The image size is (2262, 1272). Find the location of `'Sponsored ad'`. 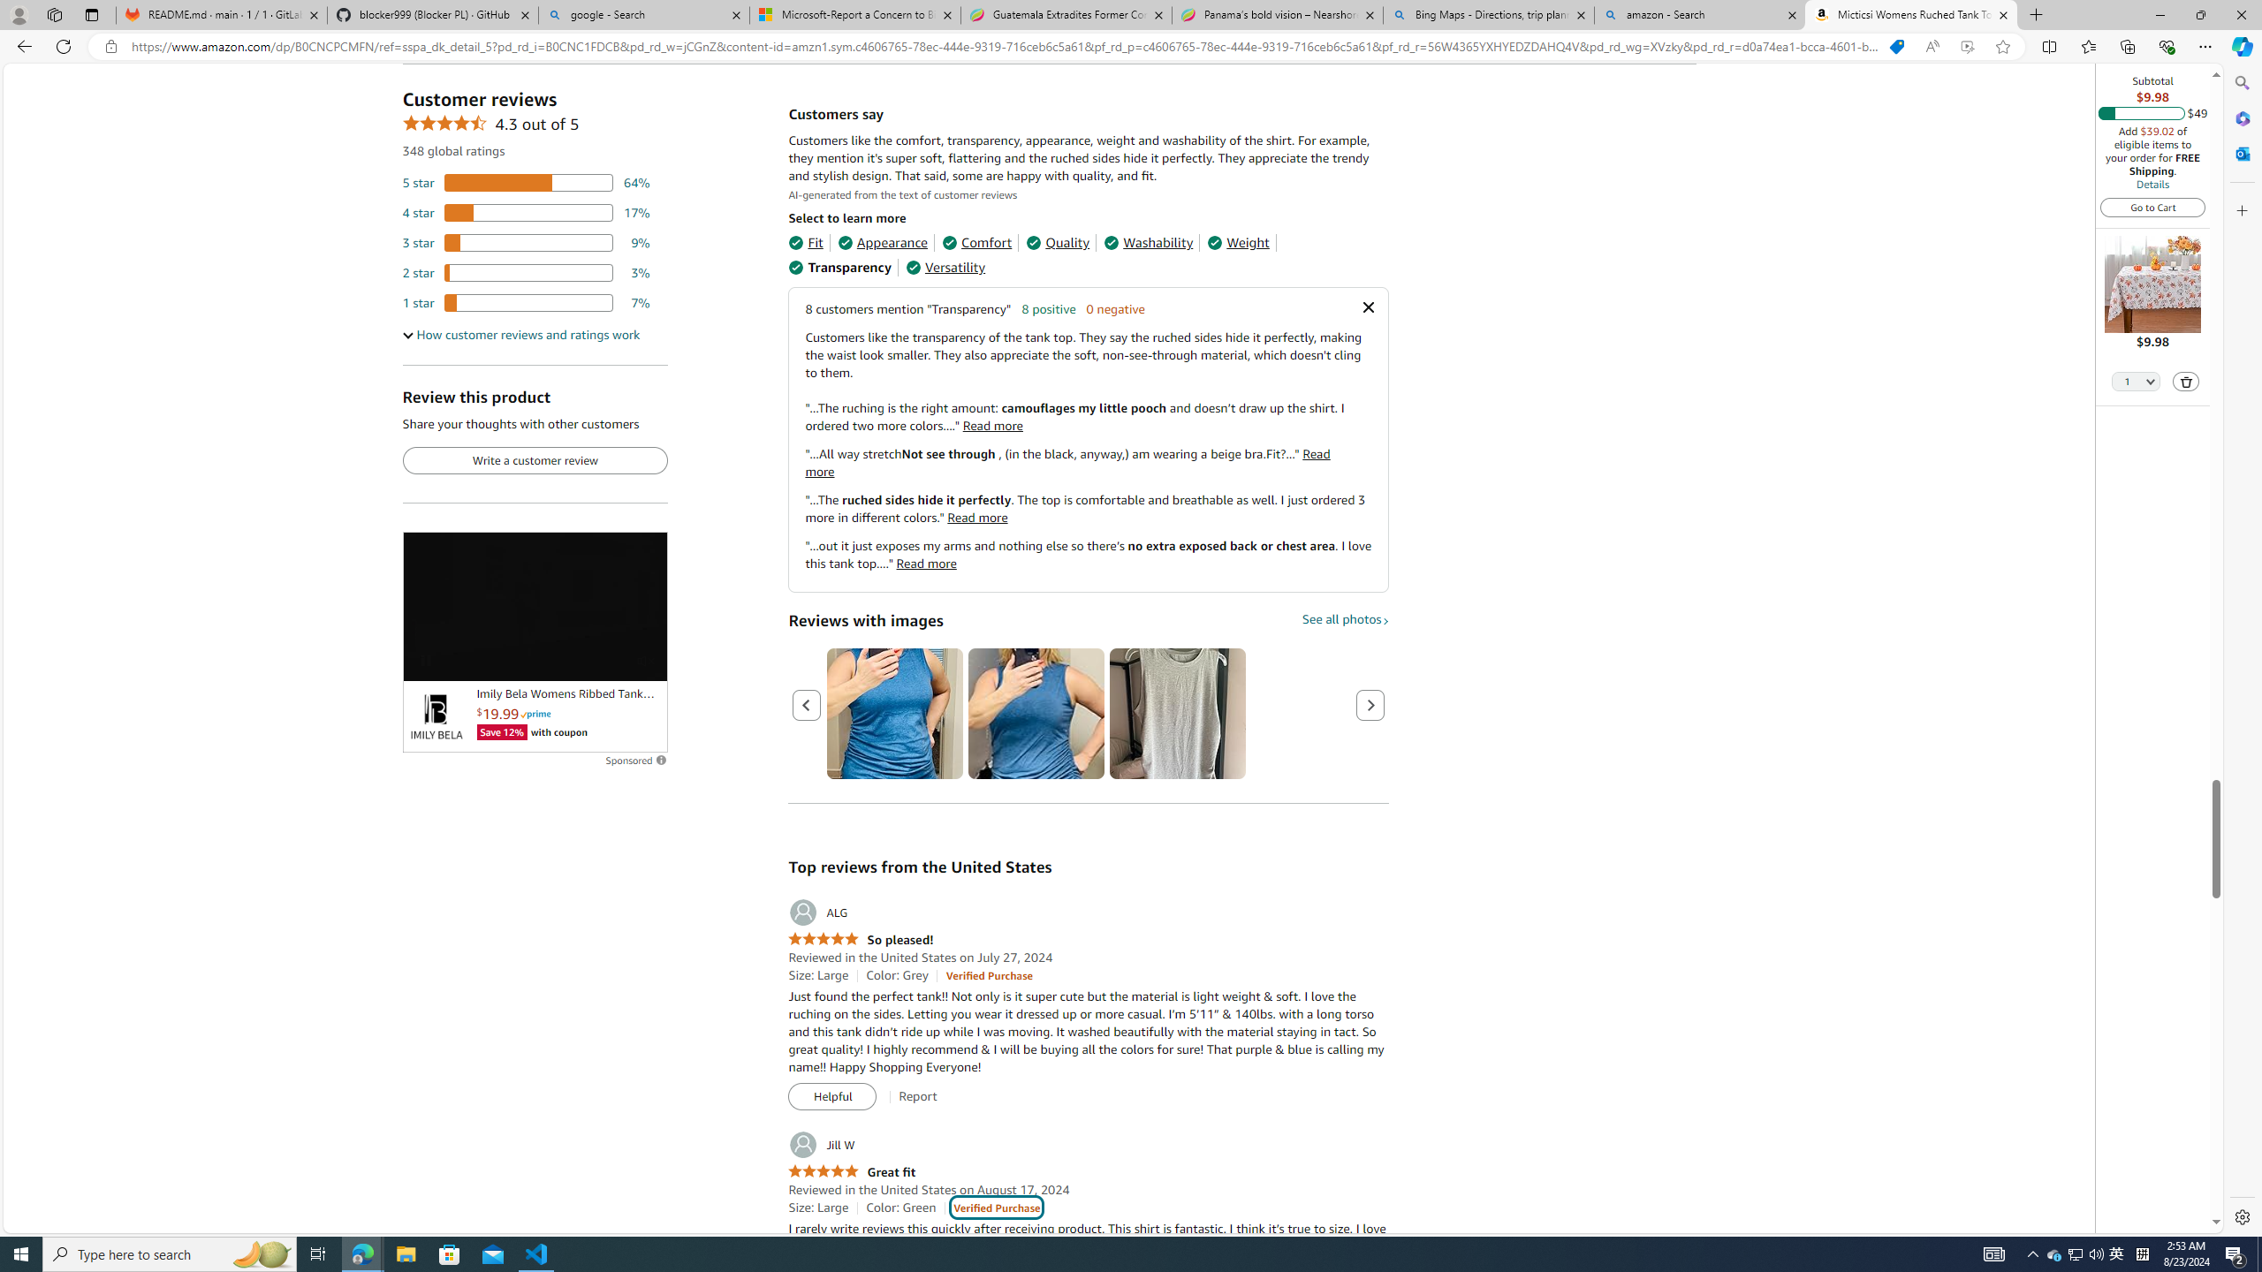

'Sponsored ad' is located at coordinates (534, 605).